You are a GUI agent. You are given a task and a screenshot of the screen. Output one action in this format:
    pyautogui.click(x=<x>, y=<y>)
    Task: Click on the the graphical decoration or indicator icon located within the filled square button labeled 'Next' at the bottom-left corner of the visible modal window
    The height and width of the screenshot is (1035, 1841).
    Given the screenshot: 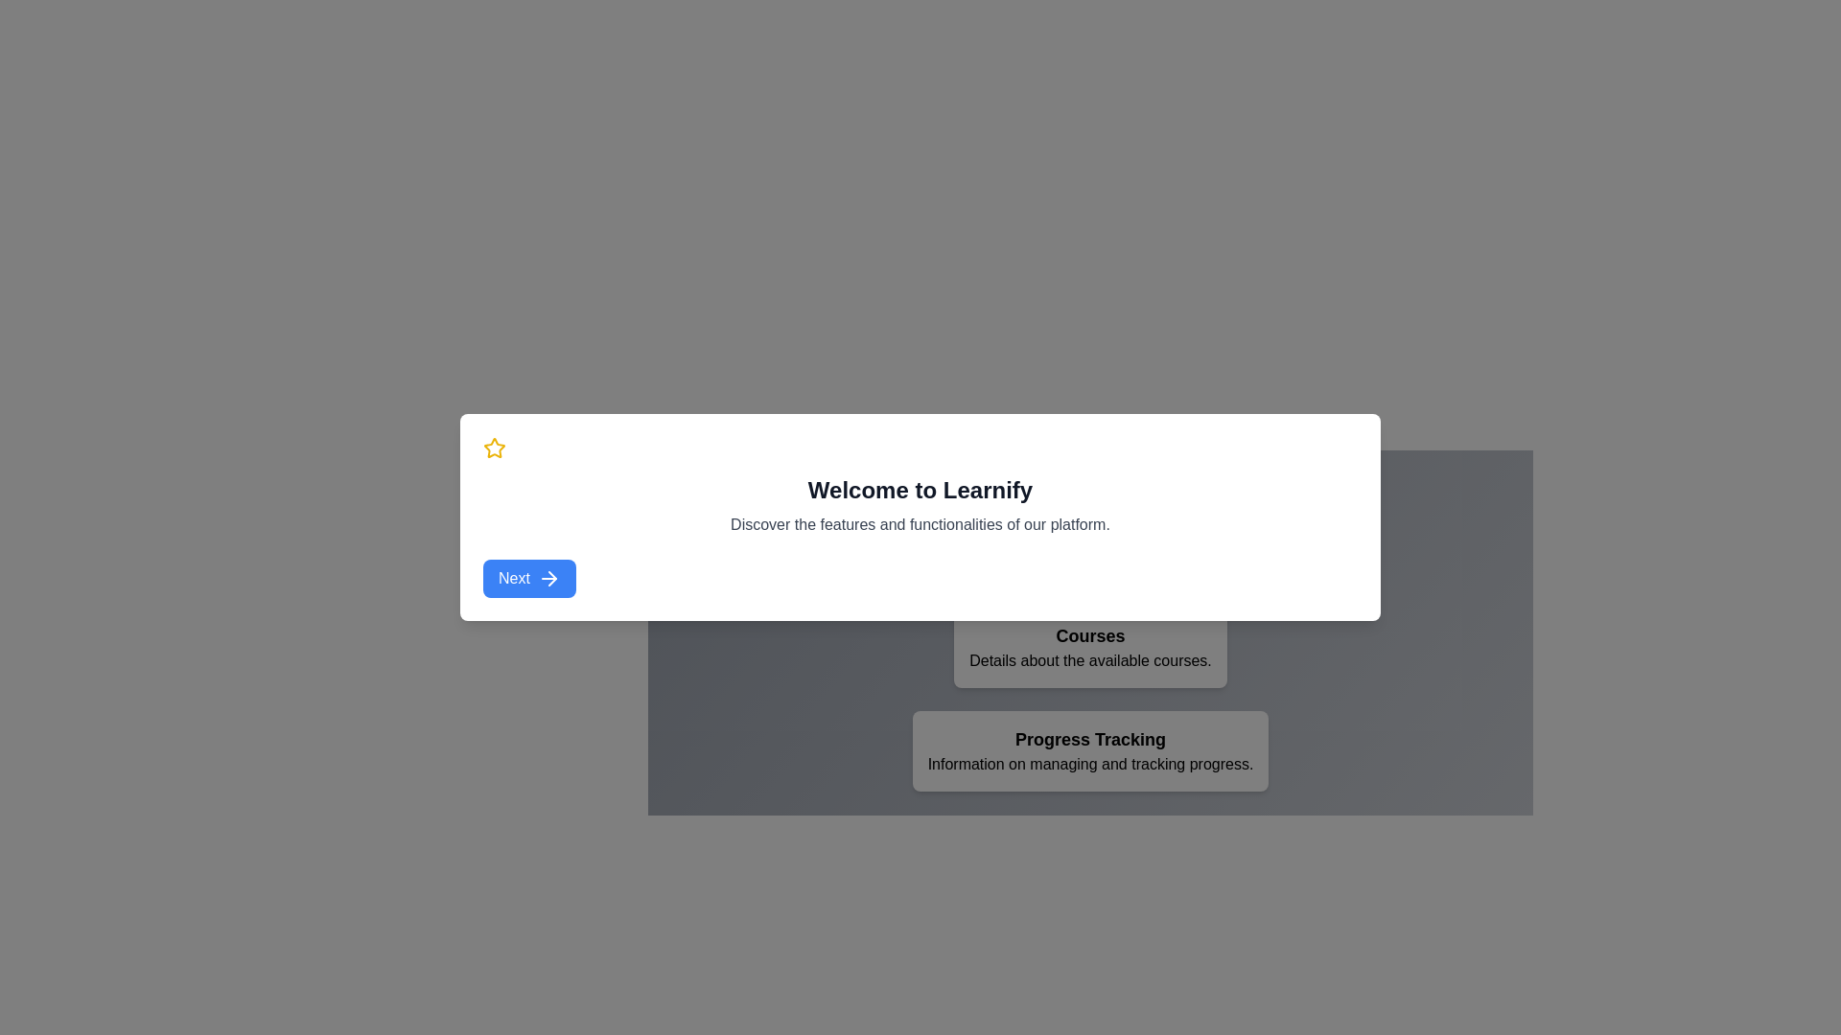 What is the action you would take?
    pyautogui.click(x=551, y=578)
    